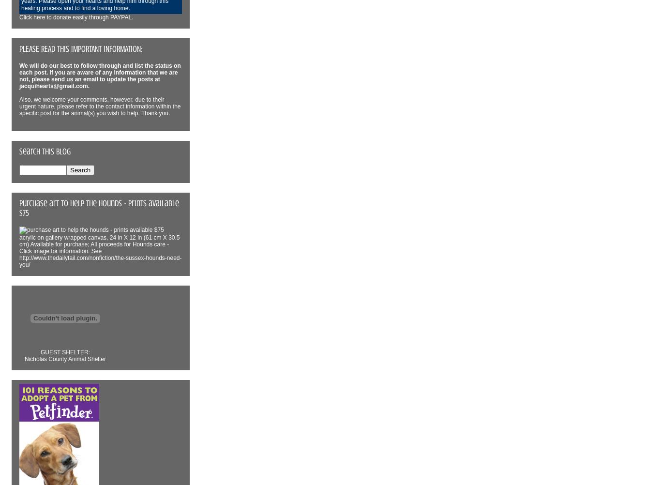 The image size is (662, 485). What do you see at coordinates (88, 86) in the screenshot?
I see `'.'` at bounding box center [88, 86].